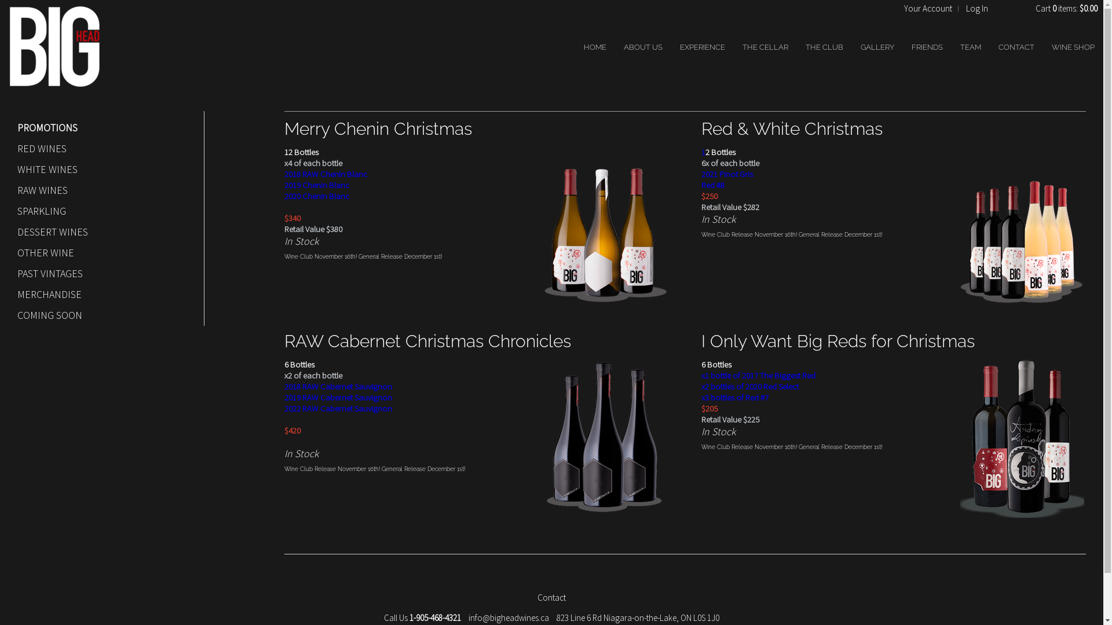  I want to click on 'ABOUT US', so click(642, 46).